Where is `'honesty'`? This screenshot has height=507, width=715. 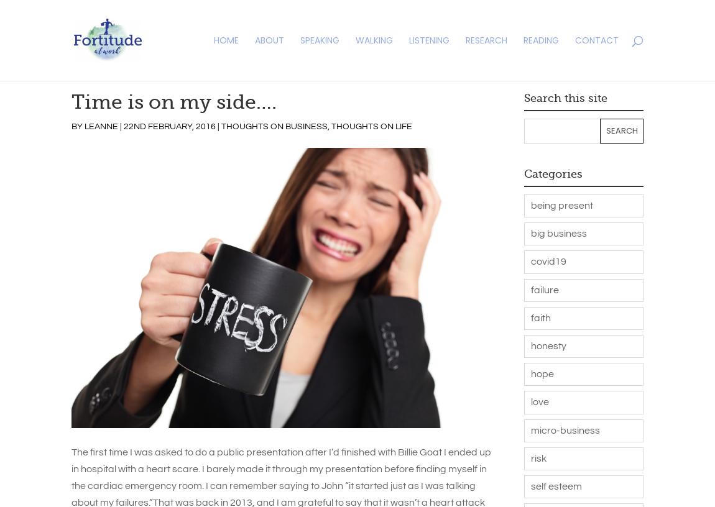
'honesty' is located at coordinates (548, 345).